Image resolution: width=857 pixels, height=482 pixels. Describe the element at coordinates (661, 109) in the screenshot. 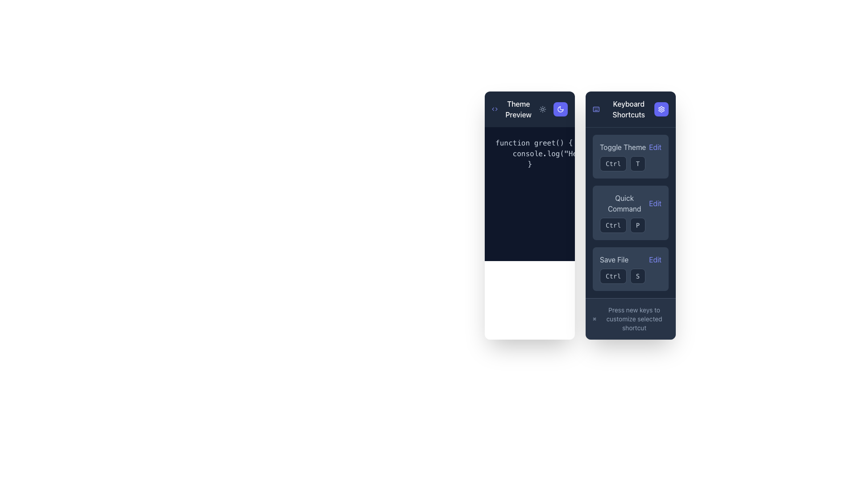

I see `the square-shaped button with a white gear icon on a vibrant indigo background` at that location.